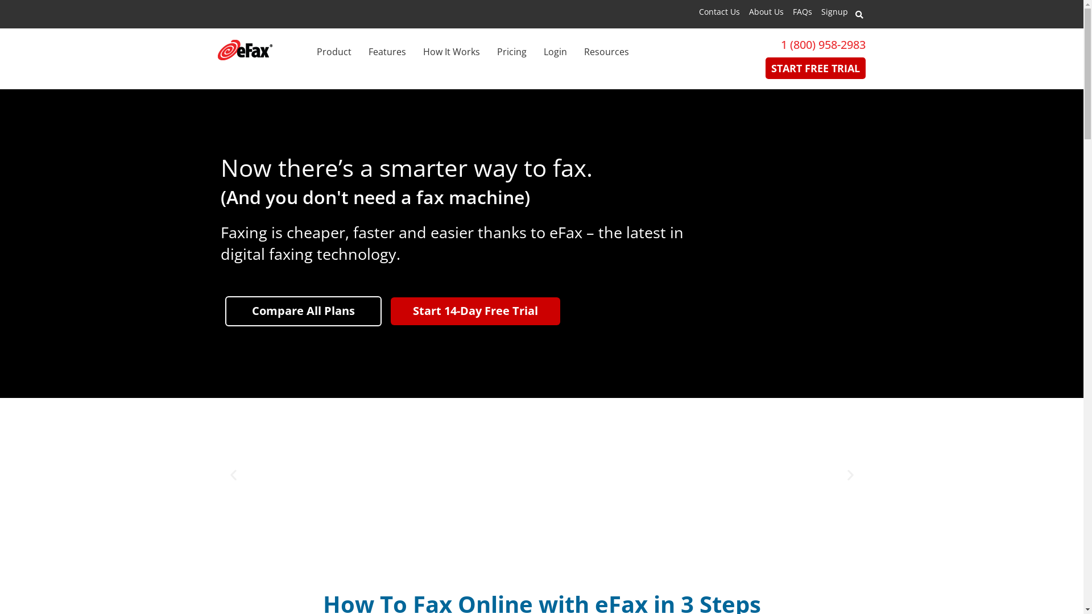  I want to click on '1 (800) 958-2983', so click(823, 44).